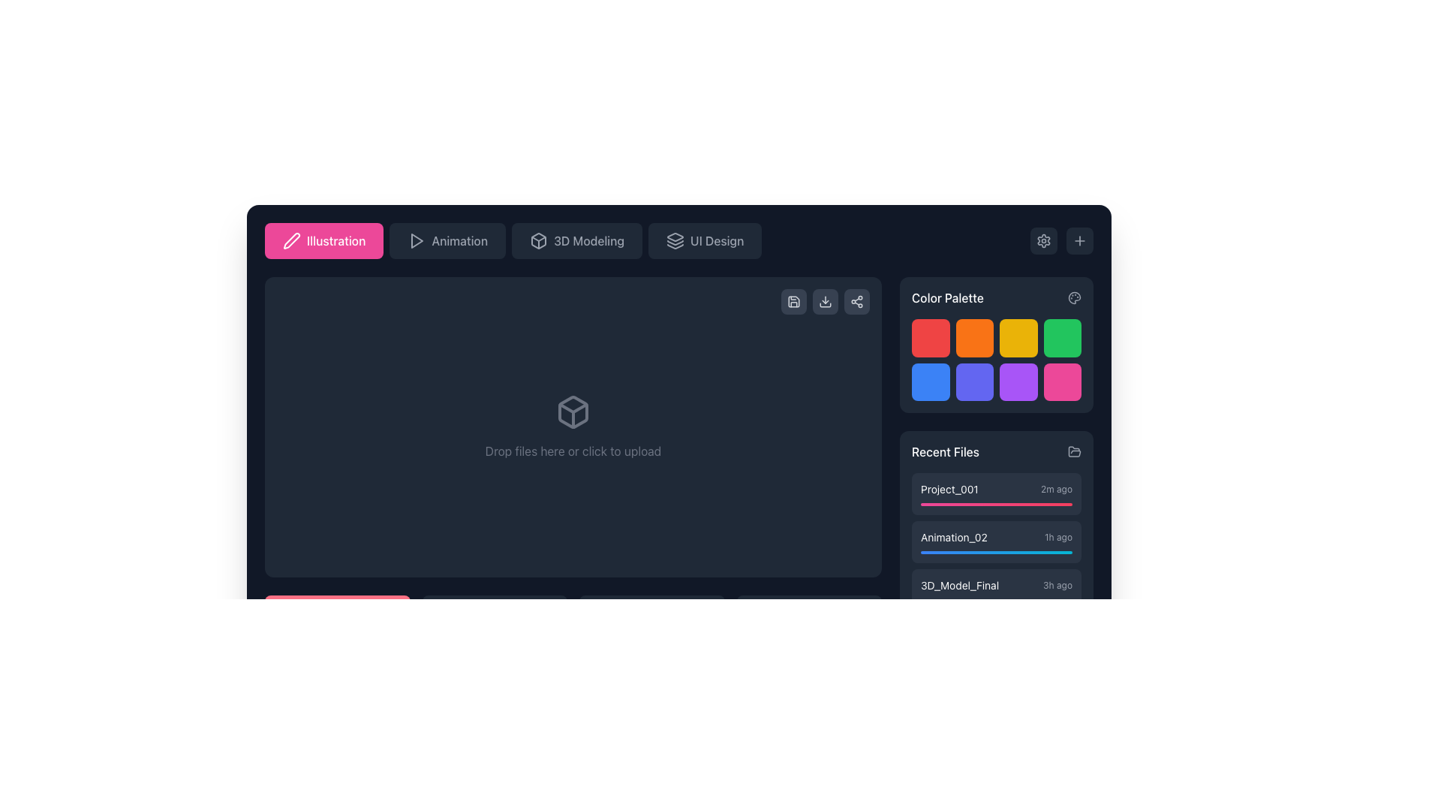 The height and width of the screenshot is (811, 1441). I want to click on the UI Design button, which is represented by an icon of layered rectangles, so click(675, 240).